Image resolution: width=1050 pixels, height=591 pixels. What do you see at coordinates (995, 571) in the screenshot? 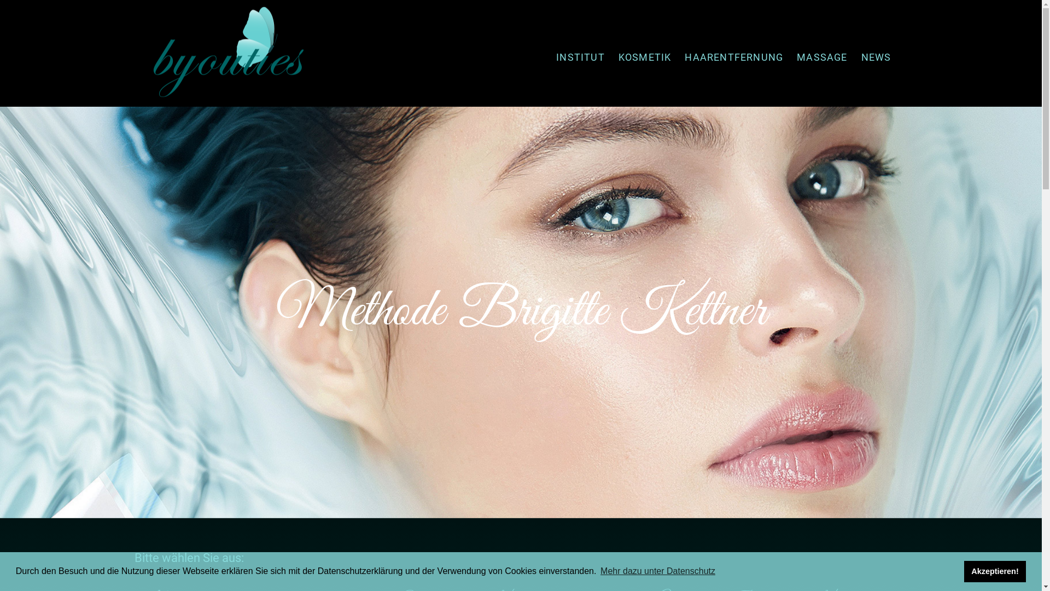
I see `'Akzeptieren!'` at bounding box center [995, 571].